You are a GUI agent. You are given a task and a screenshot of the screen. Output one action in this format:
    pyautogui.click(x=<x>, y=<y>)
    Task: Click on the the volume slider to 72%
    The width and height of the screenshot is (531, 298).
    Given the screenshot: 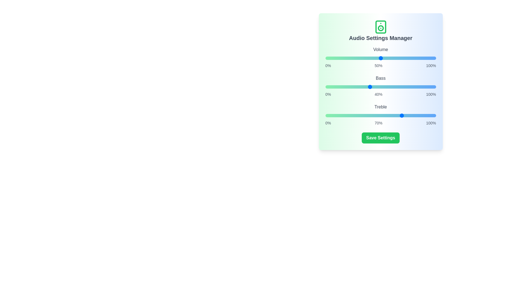 What is the action you would take?
    pyautogui.click(x=405, y=58)
    